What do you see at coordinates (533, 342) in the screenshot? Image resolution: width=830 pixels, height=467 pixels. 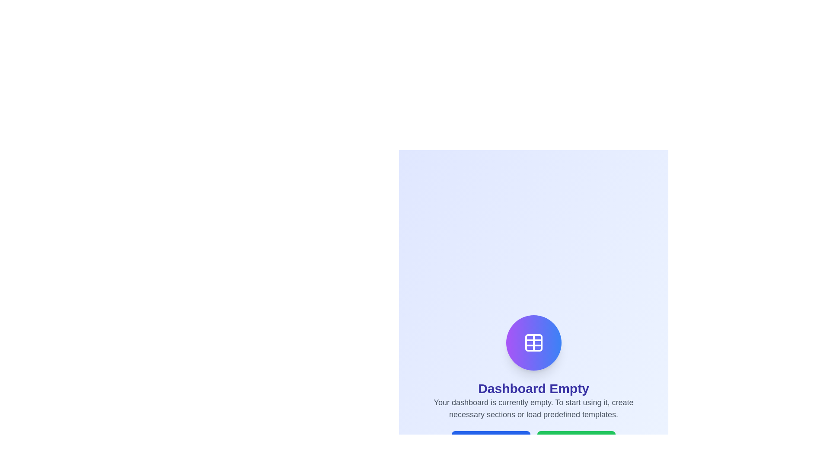 I see `the grid-like icon with a gradient background encased in a semi-transparent rounded rectangle` at bounding box center [533, 342].